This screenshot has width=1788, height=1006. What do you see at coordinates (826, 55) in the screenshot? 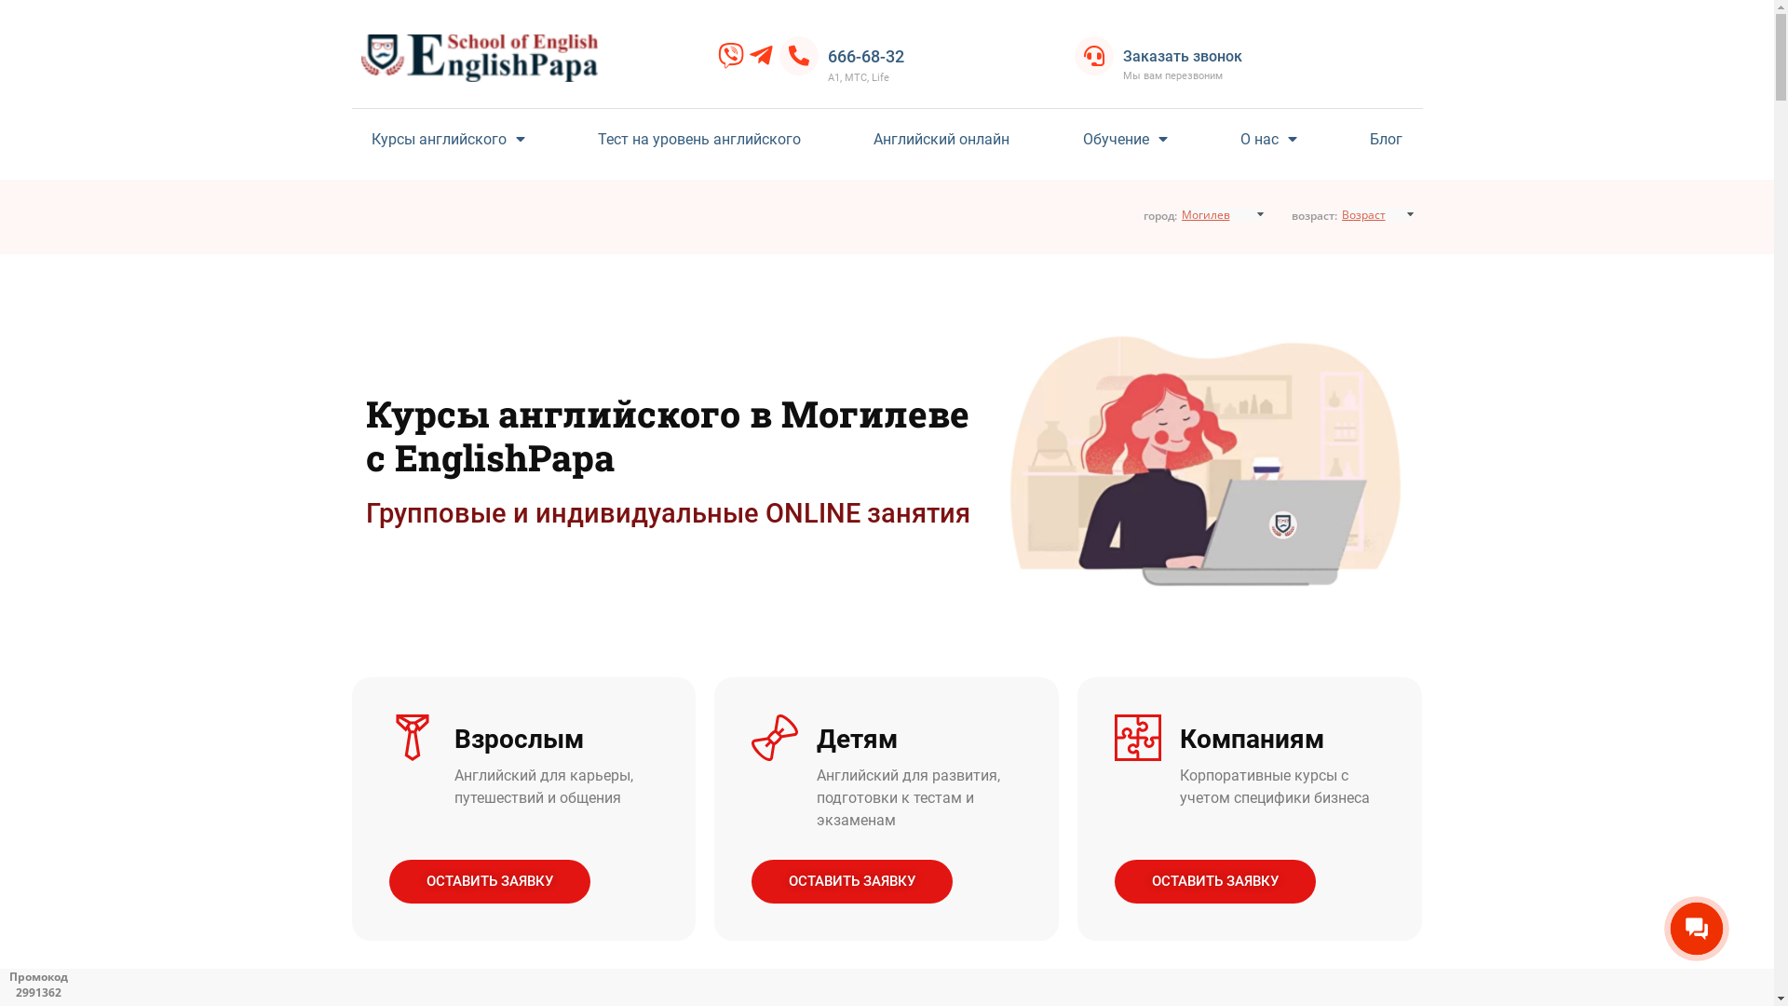
I see `'666-68-32'` at bounding box center [826, 55].